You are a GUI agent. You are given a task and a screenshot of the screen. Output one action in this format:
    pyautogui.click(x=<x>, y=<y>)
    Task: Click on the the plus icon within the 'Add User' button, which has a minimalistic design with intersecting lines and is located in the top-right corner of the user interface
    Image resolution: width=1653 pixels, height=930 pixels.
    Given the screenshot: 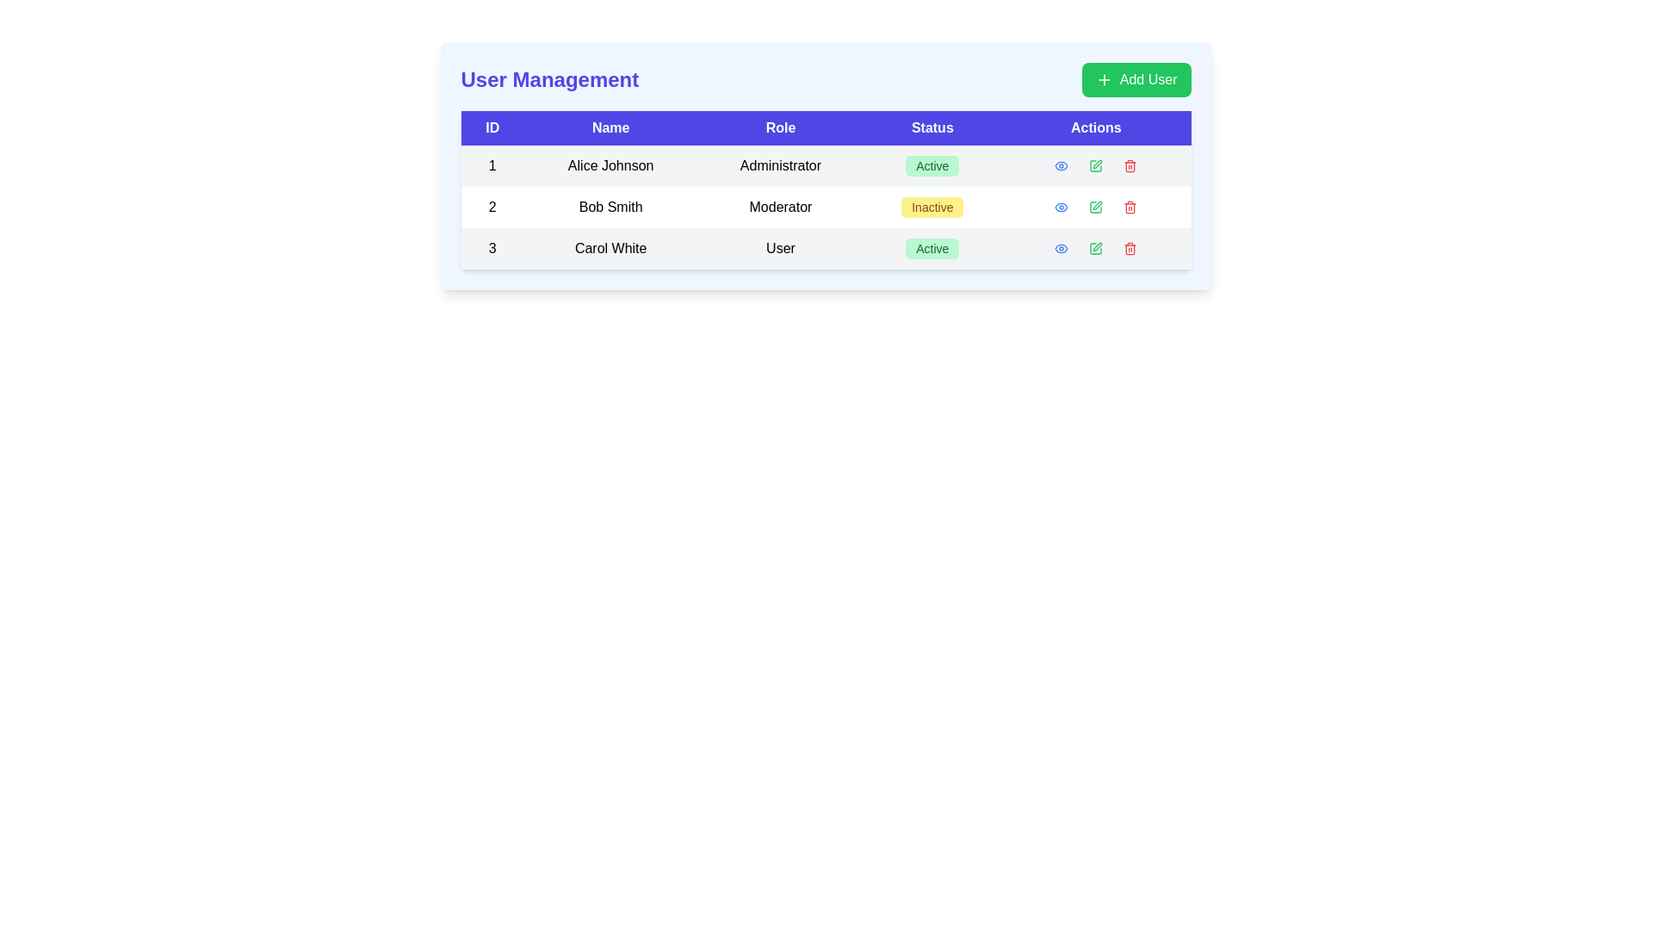 What is the action you would take?
    pyautogui.click(x=1104, y=79)
    